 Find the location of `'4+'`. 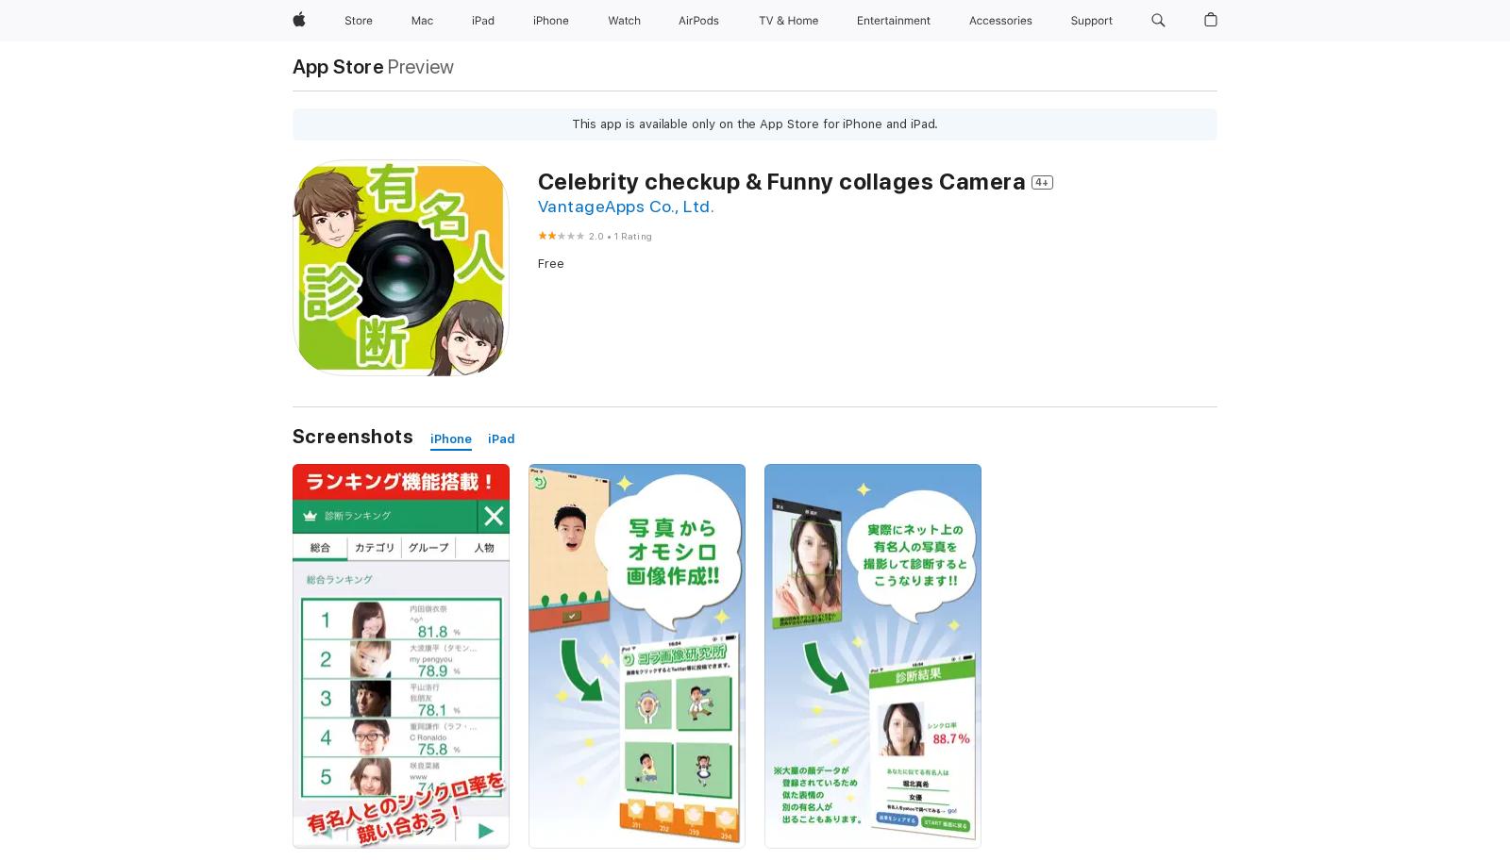

'4+' is located at coordinates (1042, 180).